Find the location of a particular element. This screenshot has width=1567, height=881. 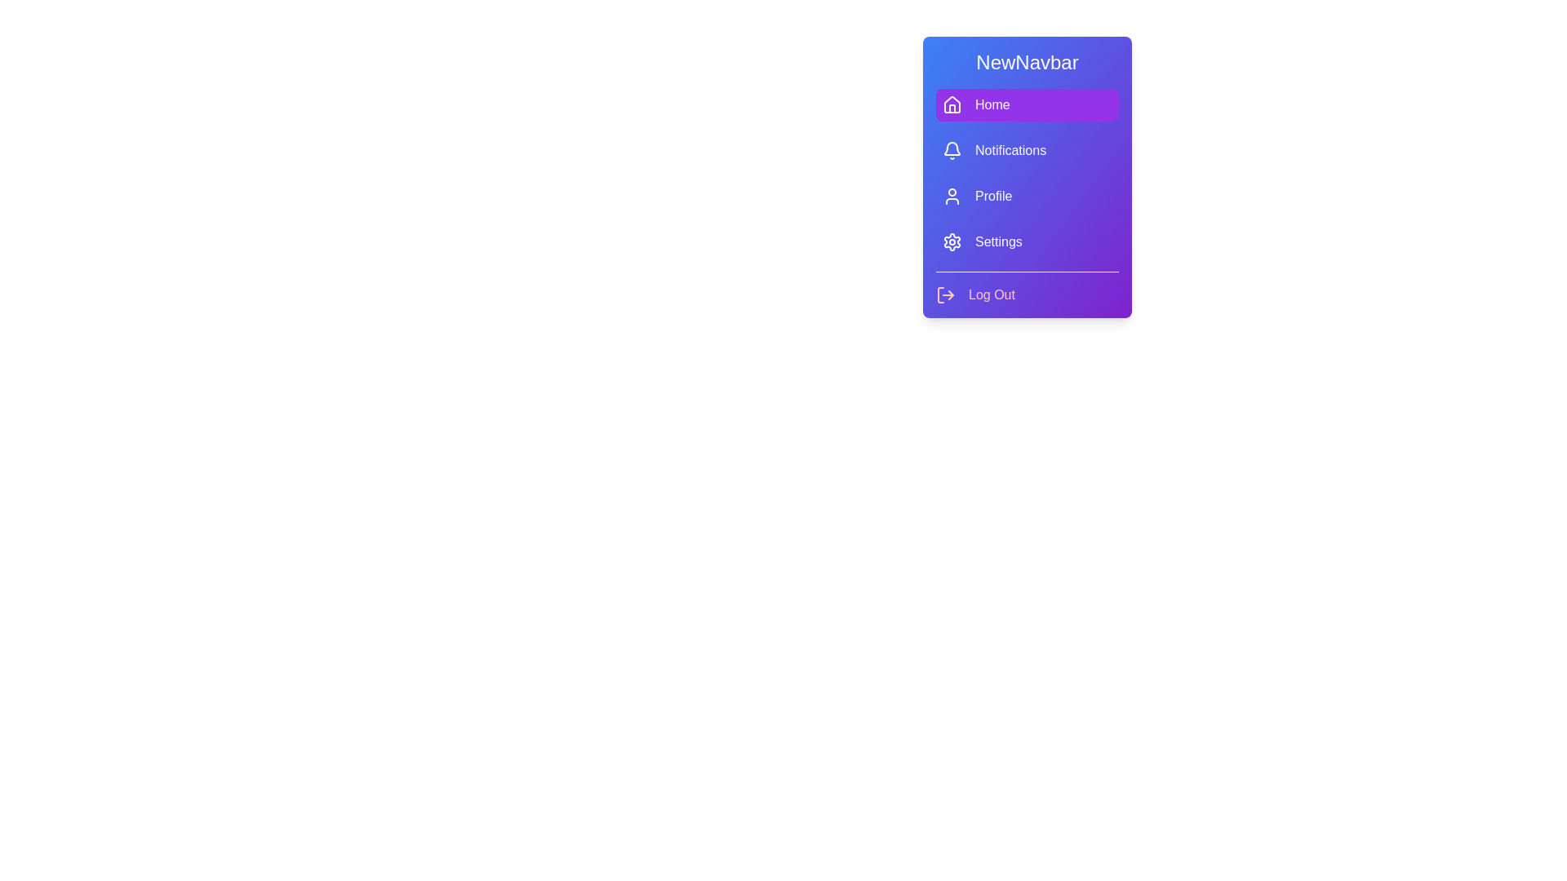

the house icon is located at coordinates (952, 104).